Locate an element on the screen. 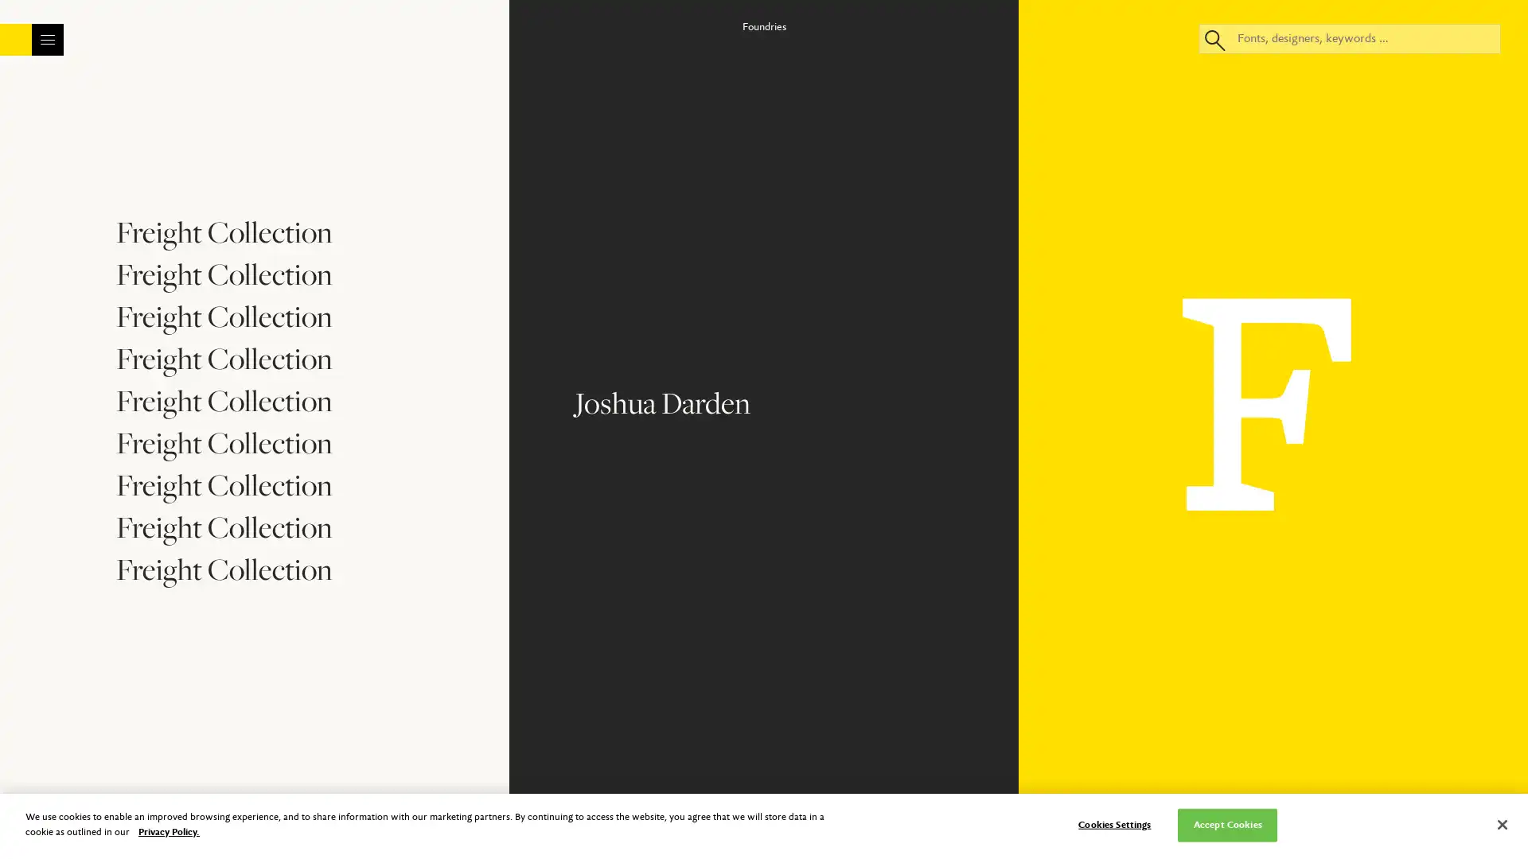  Accept Cookies is located at coordinates (1226, 824).